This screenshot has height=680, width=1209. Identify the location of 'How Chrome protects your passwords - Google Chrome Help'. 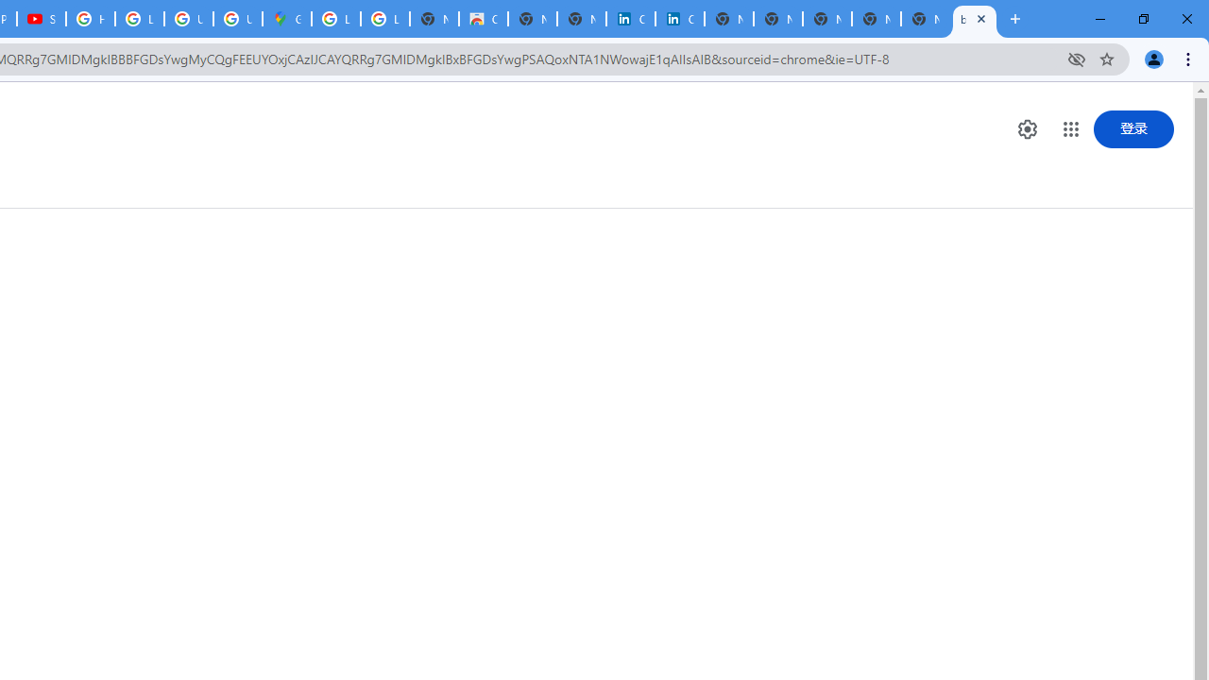
(90, 19).